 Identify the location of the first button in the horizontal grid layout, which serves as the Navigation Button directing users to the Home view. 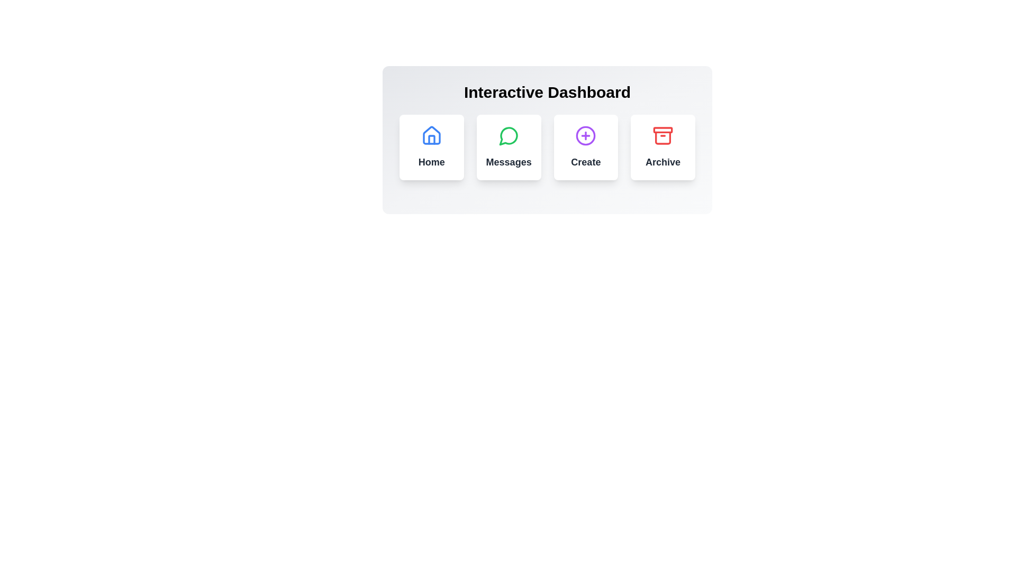
(431, 147).